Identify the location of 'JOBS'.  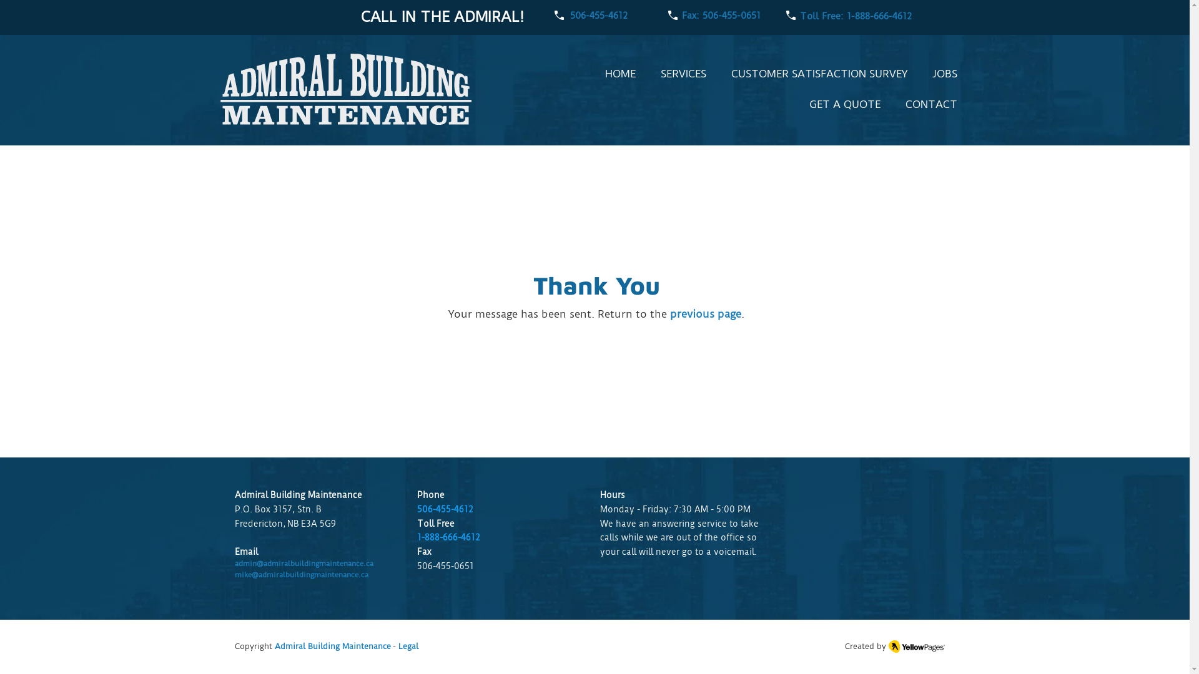
(944, 74).